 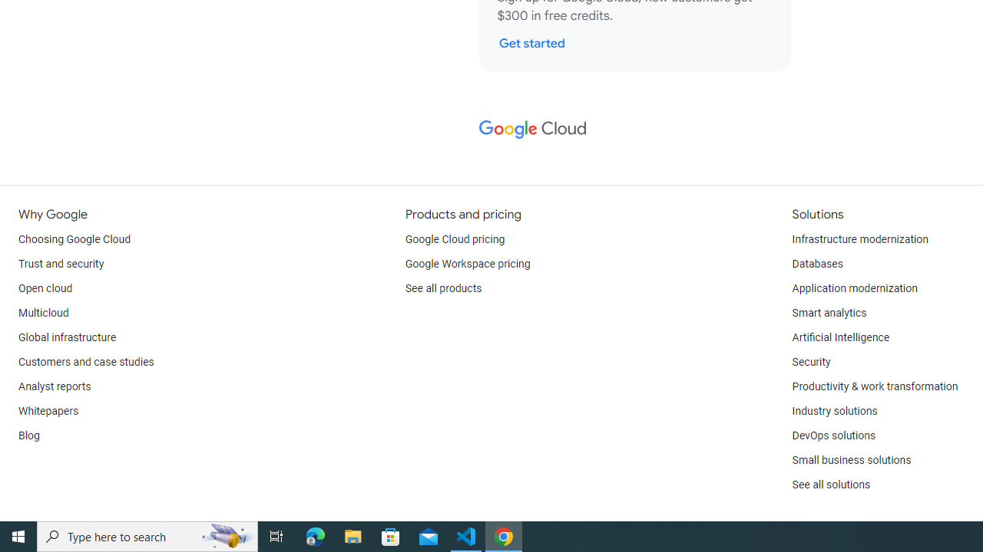 What do you see at coordinates (43, 312) in the screenshot?
I see `'Multicloud'` at bounding box center [43, 312].